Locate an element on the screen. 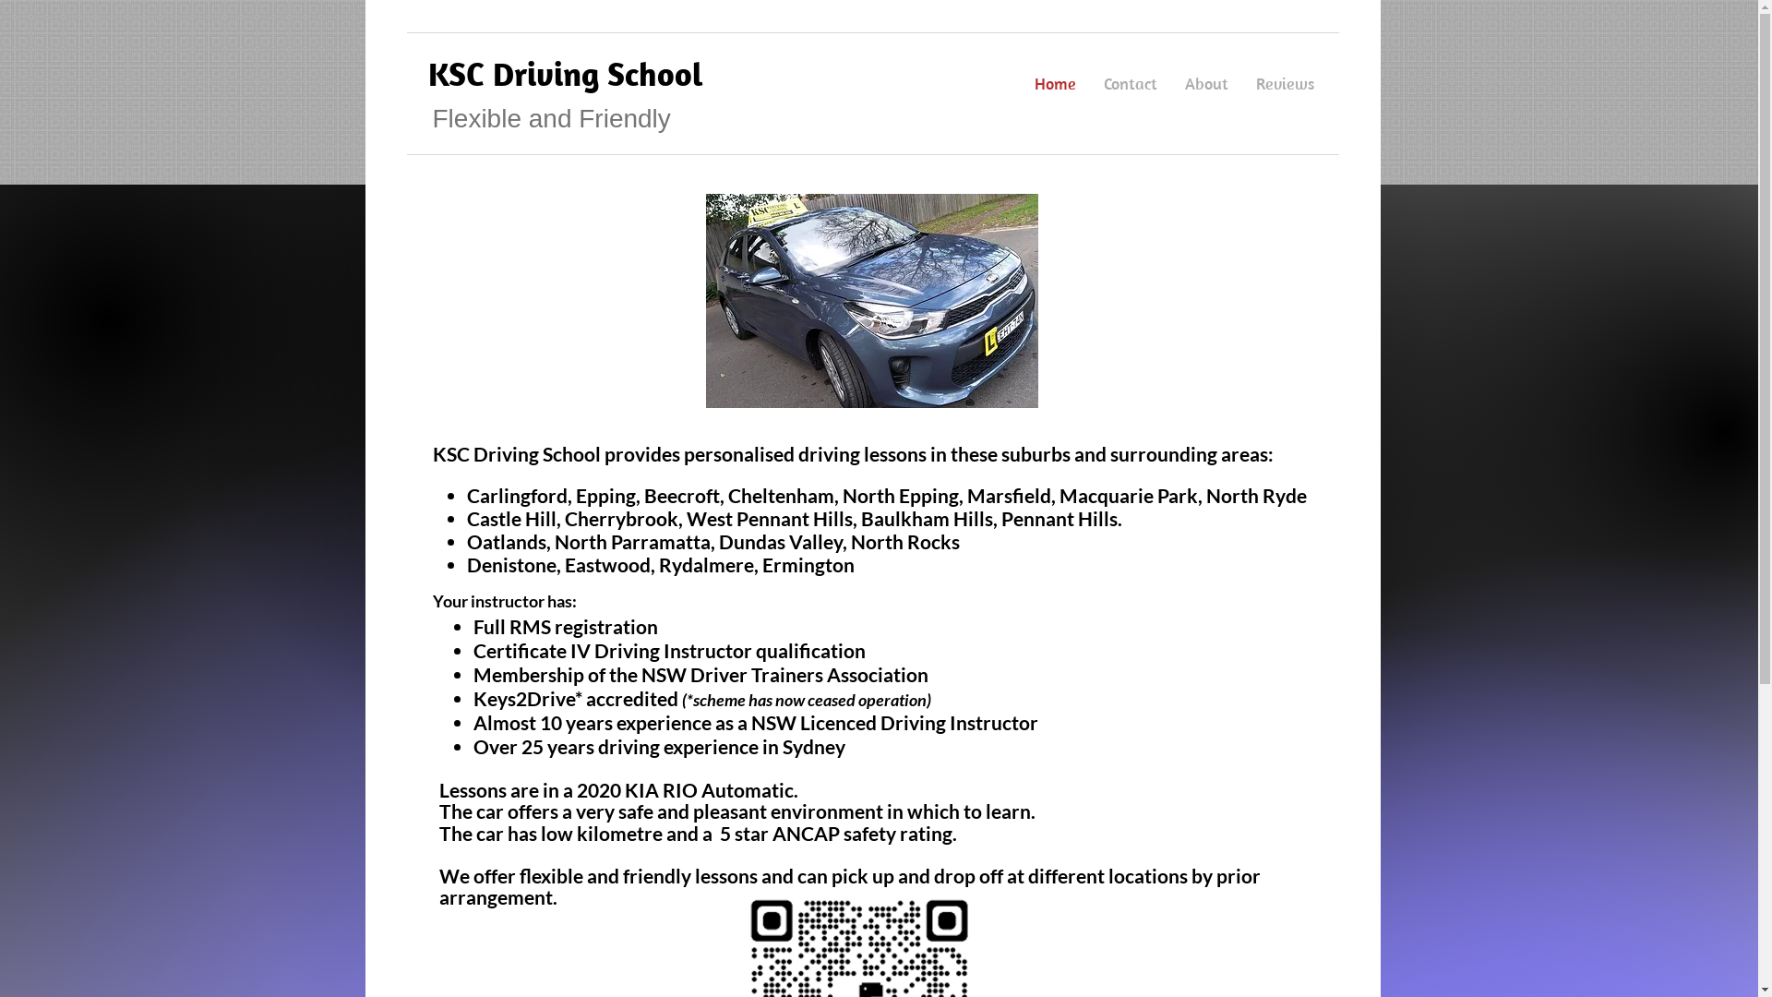 This screenshot has width=1772, height=997. 'About' is located at coordinates (1206, 84).